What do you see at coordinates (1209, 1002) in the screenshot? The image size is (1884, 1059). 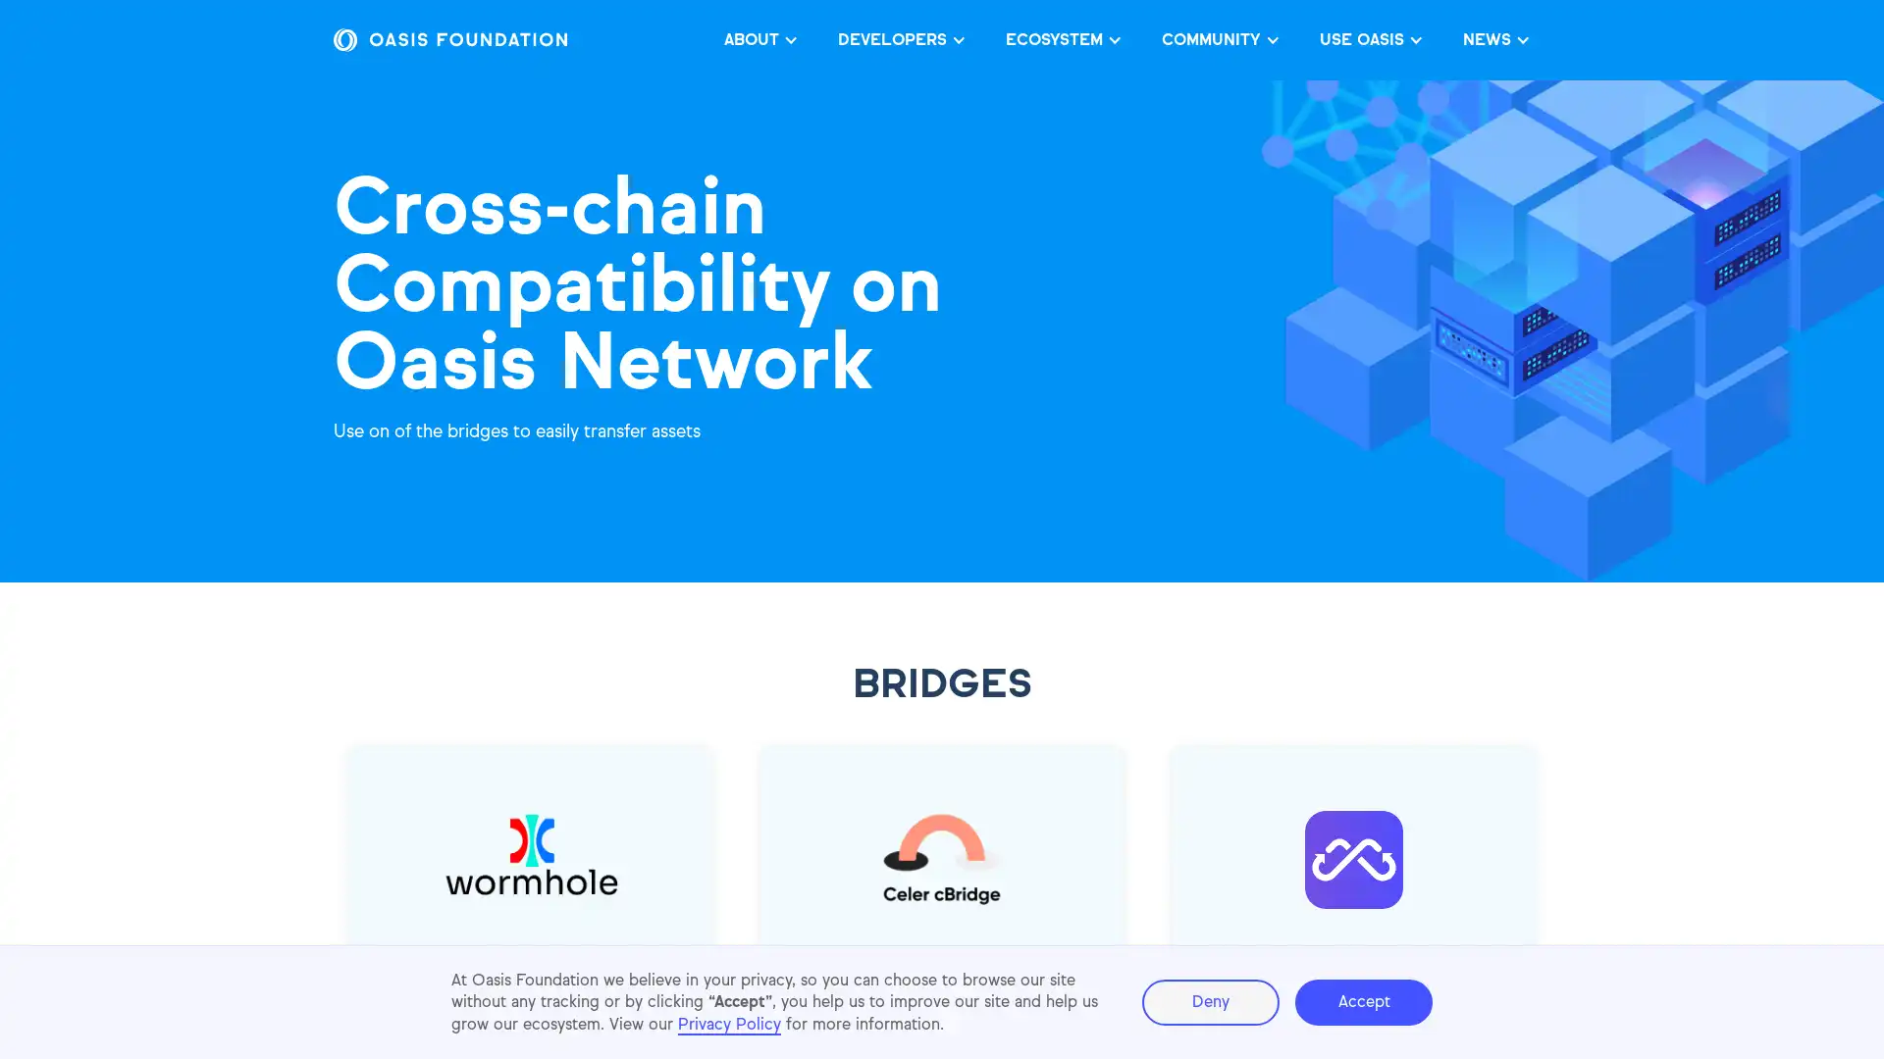 I see `Deny` at bounding box center [1209, 1002].